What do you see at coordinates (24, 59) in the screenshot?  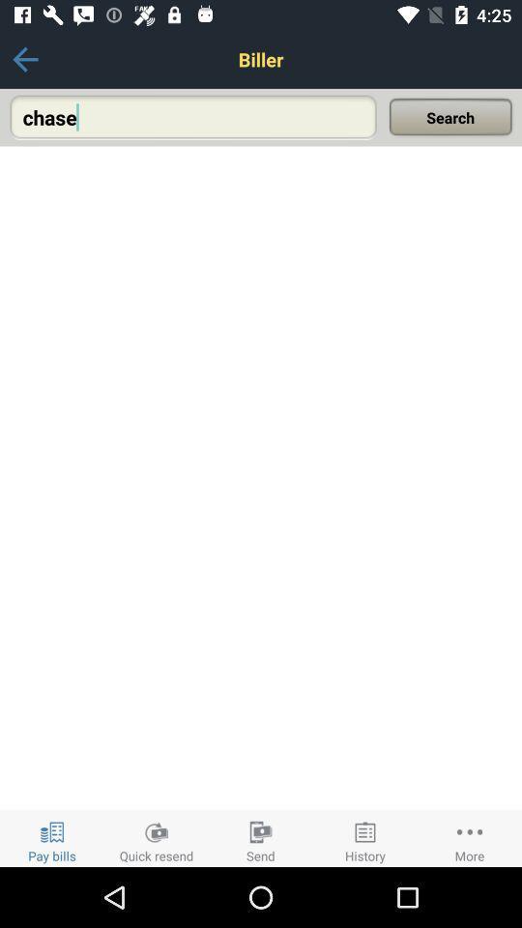 I see `next` at bounding box center [24, 59].